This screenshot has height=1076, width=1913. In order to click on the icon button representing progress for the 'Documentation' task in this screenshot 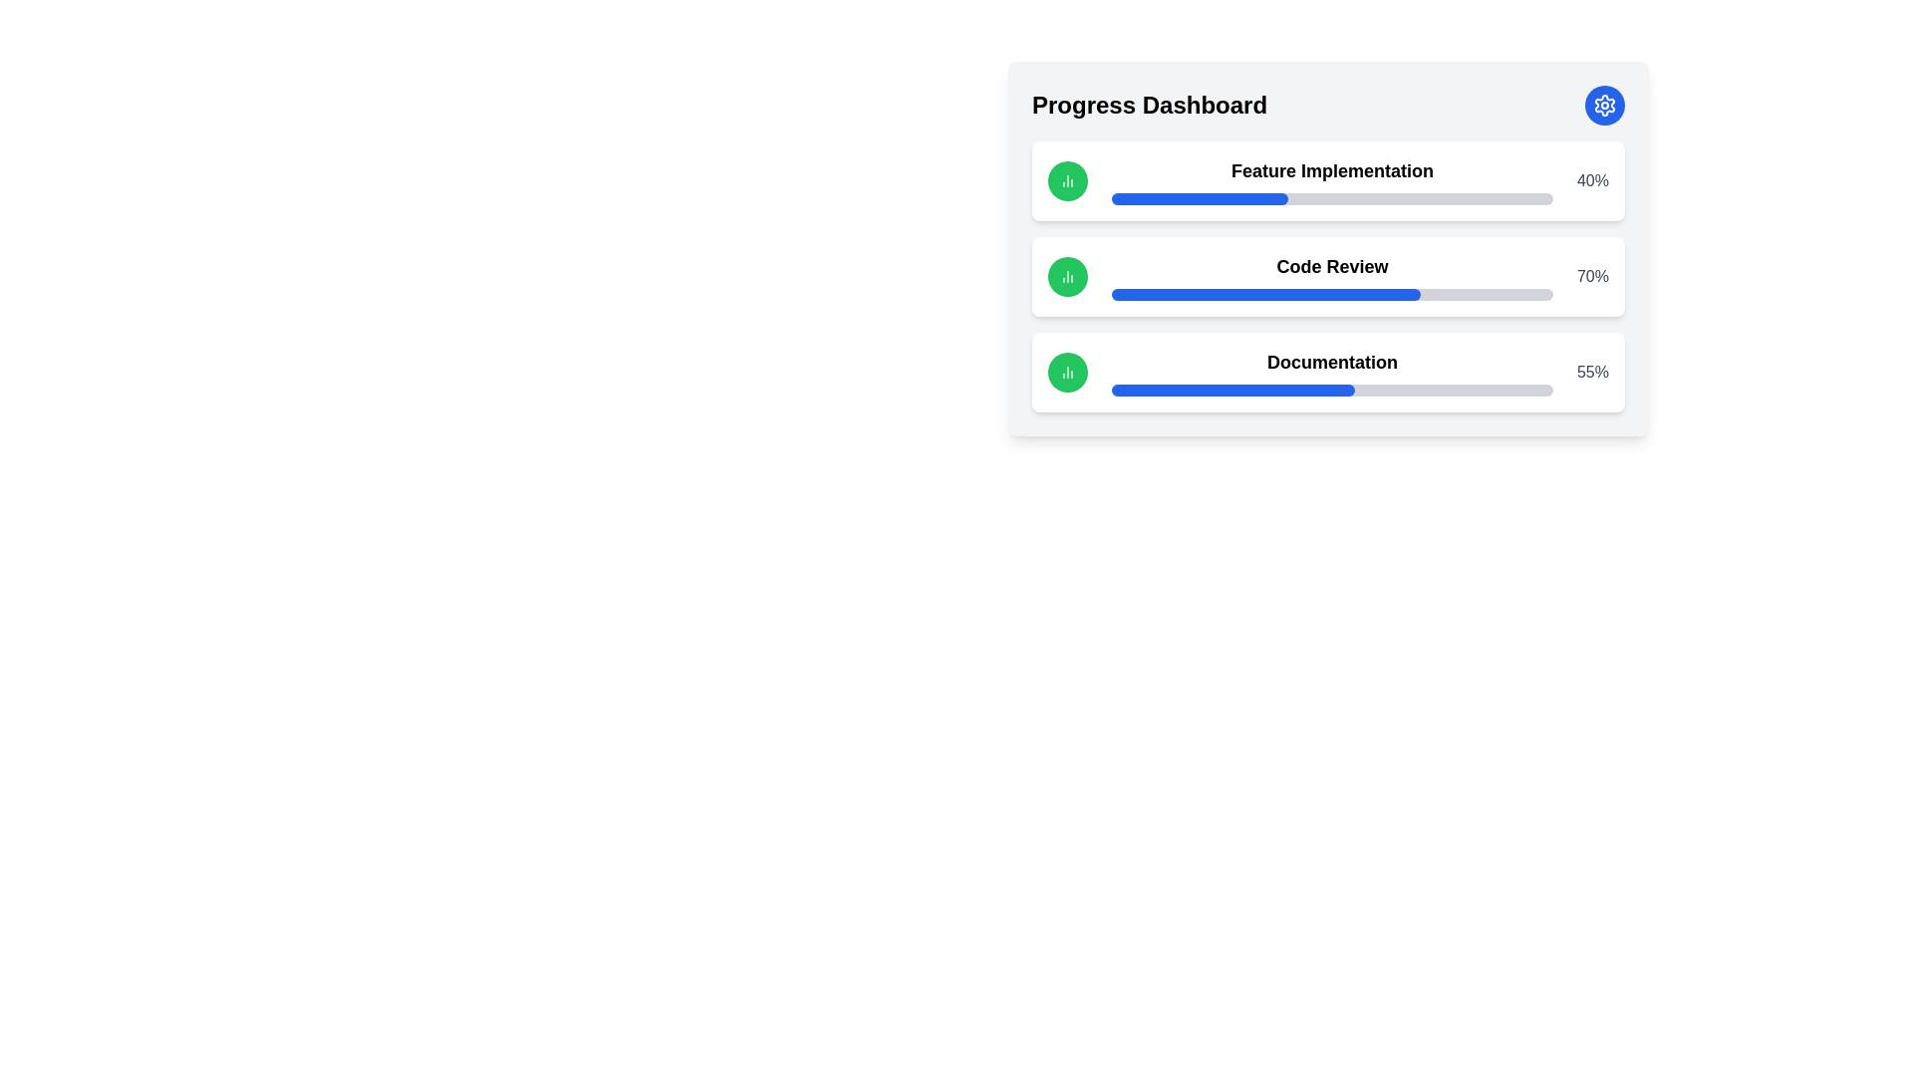, I will do `click(1066, 373)`.